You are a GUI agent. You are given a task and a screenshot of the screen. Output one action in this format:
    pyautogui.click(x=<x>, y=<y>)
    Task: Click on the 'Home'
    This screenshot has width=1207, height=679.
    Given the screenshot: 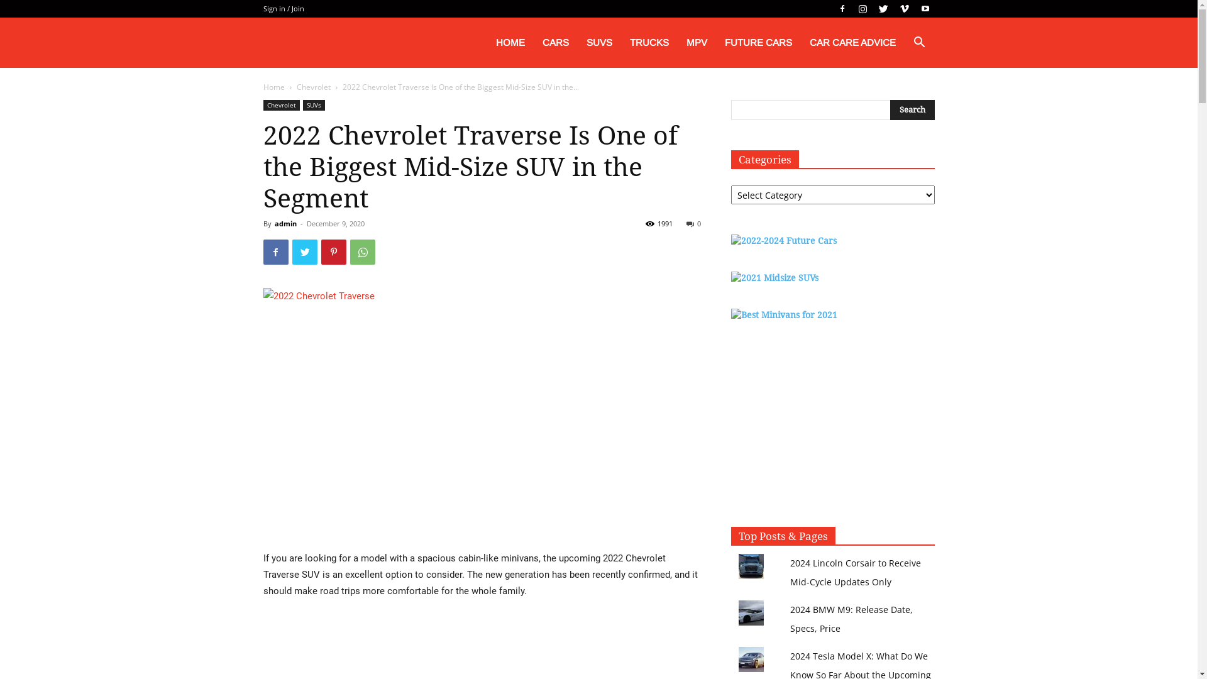 What is the action you would take?
    pyautogui.click(x=273, y=86)
    